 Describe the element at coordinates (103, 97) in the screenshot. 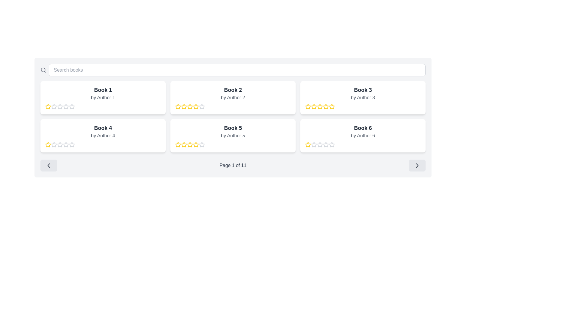

I see `the top-left Information Card in the grid layout` at that location.